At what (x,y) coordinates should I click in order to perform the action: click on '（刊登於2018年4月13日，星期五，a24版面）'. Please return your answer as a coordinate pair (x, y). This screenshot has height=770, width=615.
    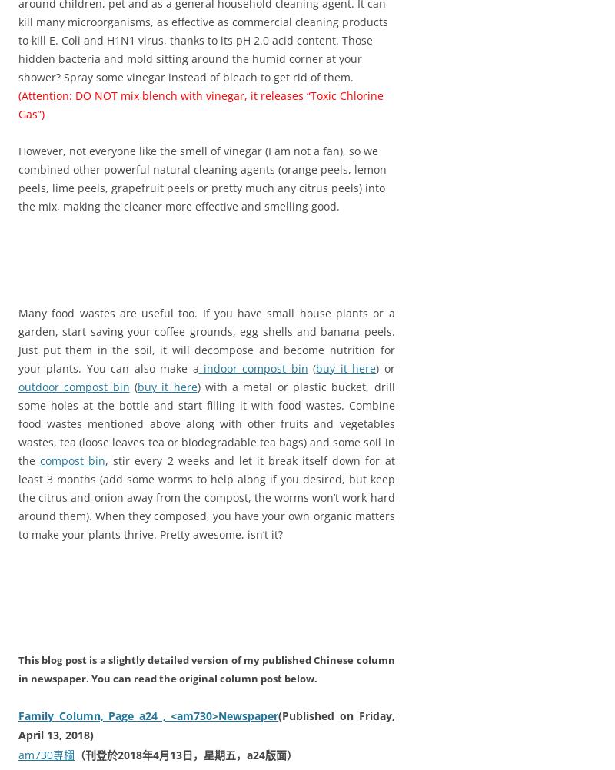
    Looking at the image, I should click on (185, 754).